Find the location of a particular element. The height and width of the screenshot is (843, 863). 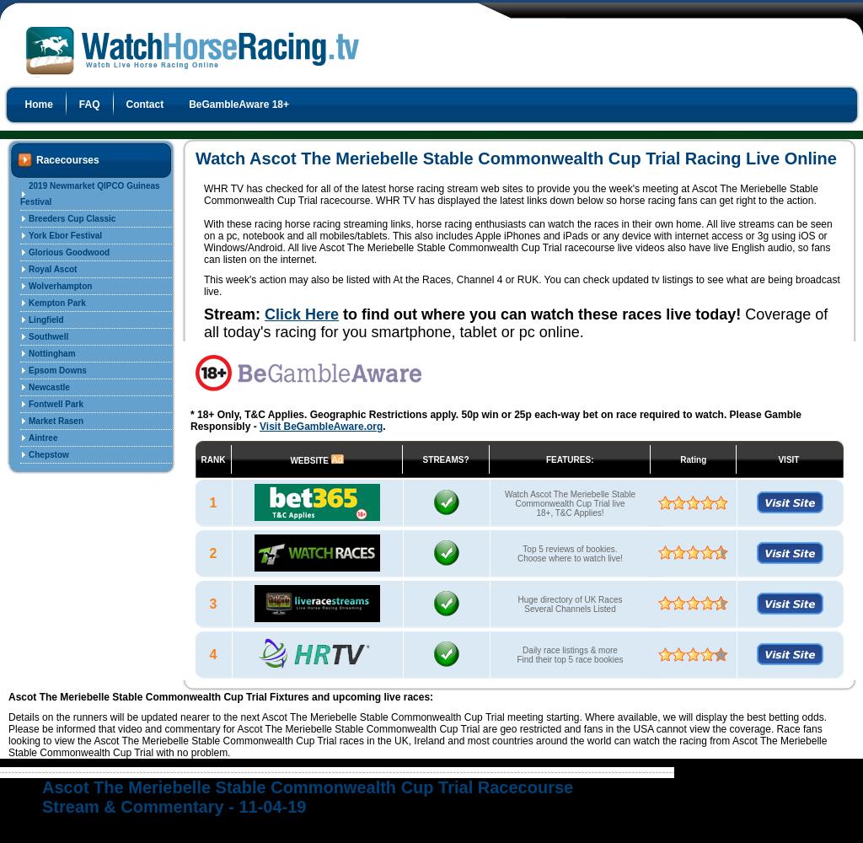

'Ascot The Meriebelle Stable Commonwealth Cup Trial   Racecourse Stream & Commentary -' is located at coordinates (40, 796).